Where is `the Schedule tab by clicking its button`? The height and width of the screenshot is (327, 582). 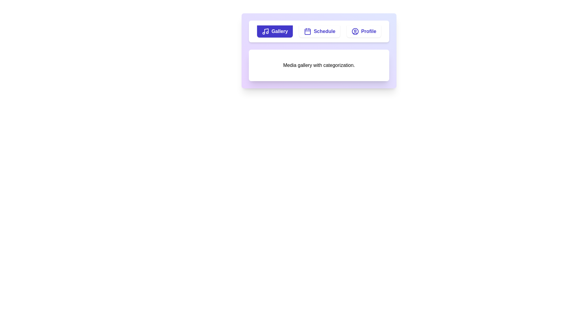 the Schedule tab by clicking its button is located at coordinates (319, 31).